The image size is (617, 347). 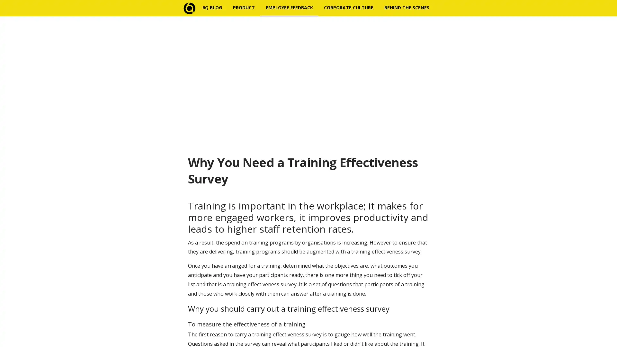 I want to click on Subscribe, so click(x=379, y=338).